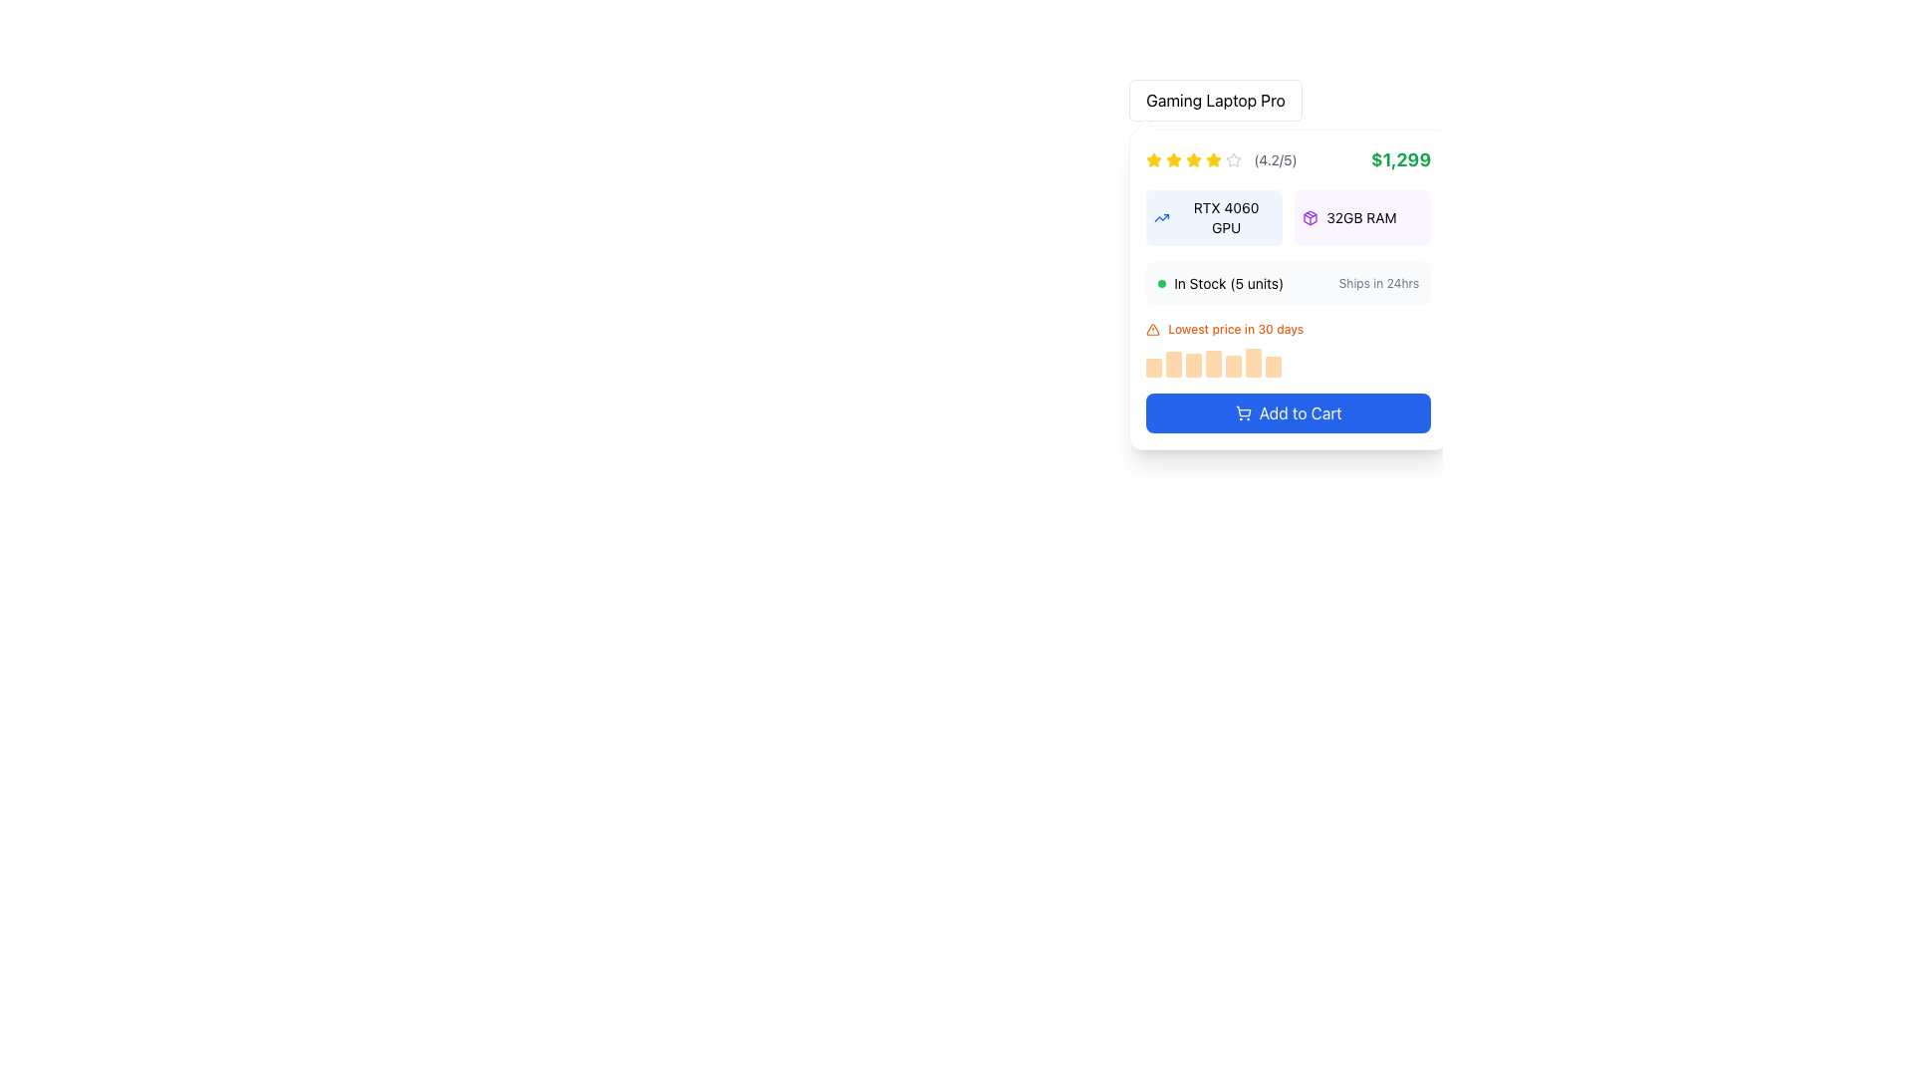 Image resolution: width=1912 pixels, height=1076 pixels. What do you see at coordinates (1233, 159) in the screenshot?
I see `the sixth star icon representing an unselected state in the rating mechanism located near the top left of the product card` at bounding box center [1233, 159].